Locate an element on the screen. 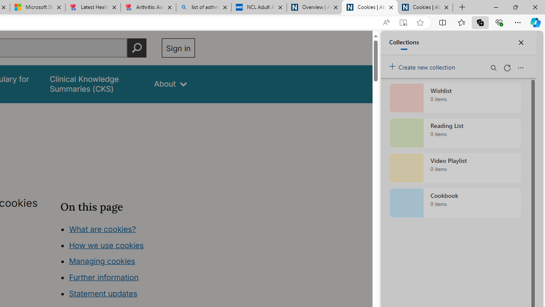 This screenshot has width=545, height=307. 'list of asthma inhalers uk - Search' is located at coordinates (203, 7).